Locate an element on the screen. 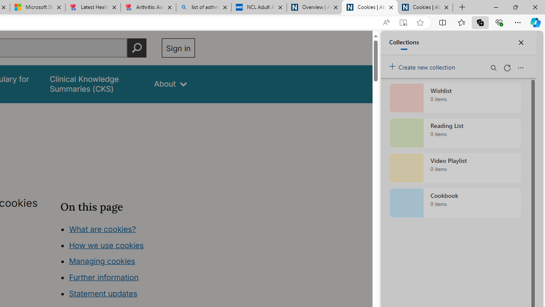 This screenshot has width=545, height=307. 'list of asthma inhalers uk - Search' is located at coordinates (203, 7).